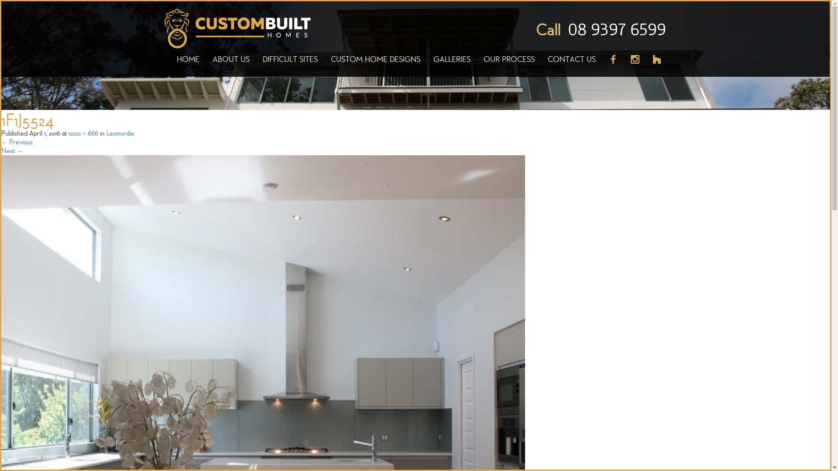 Image resolution: width=838 pixels, height=471 pixels. What do you see at coordinates (613, 64) in the screenshot?
I see `'<span class="icon-facebook"></span>'` at bounding box center [613, 64].